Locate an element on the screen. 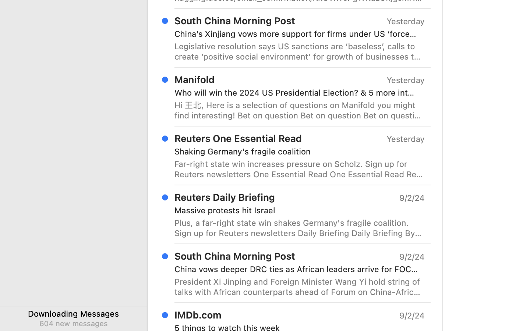  'Who will win the 2024 US Presidential Election? & 5 more interesting markets on Manifold' is located at coordinates (296, 92).